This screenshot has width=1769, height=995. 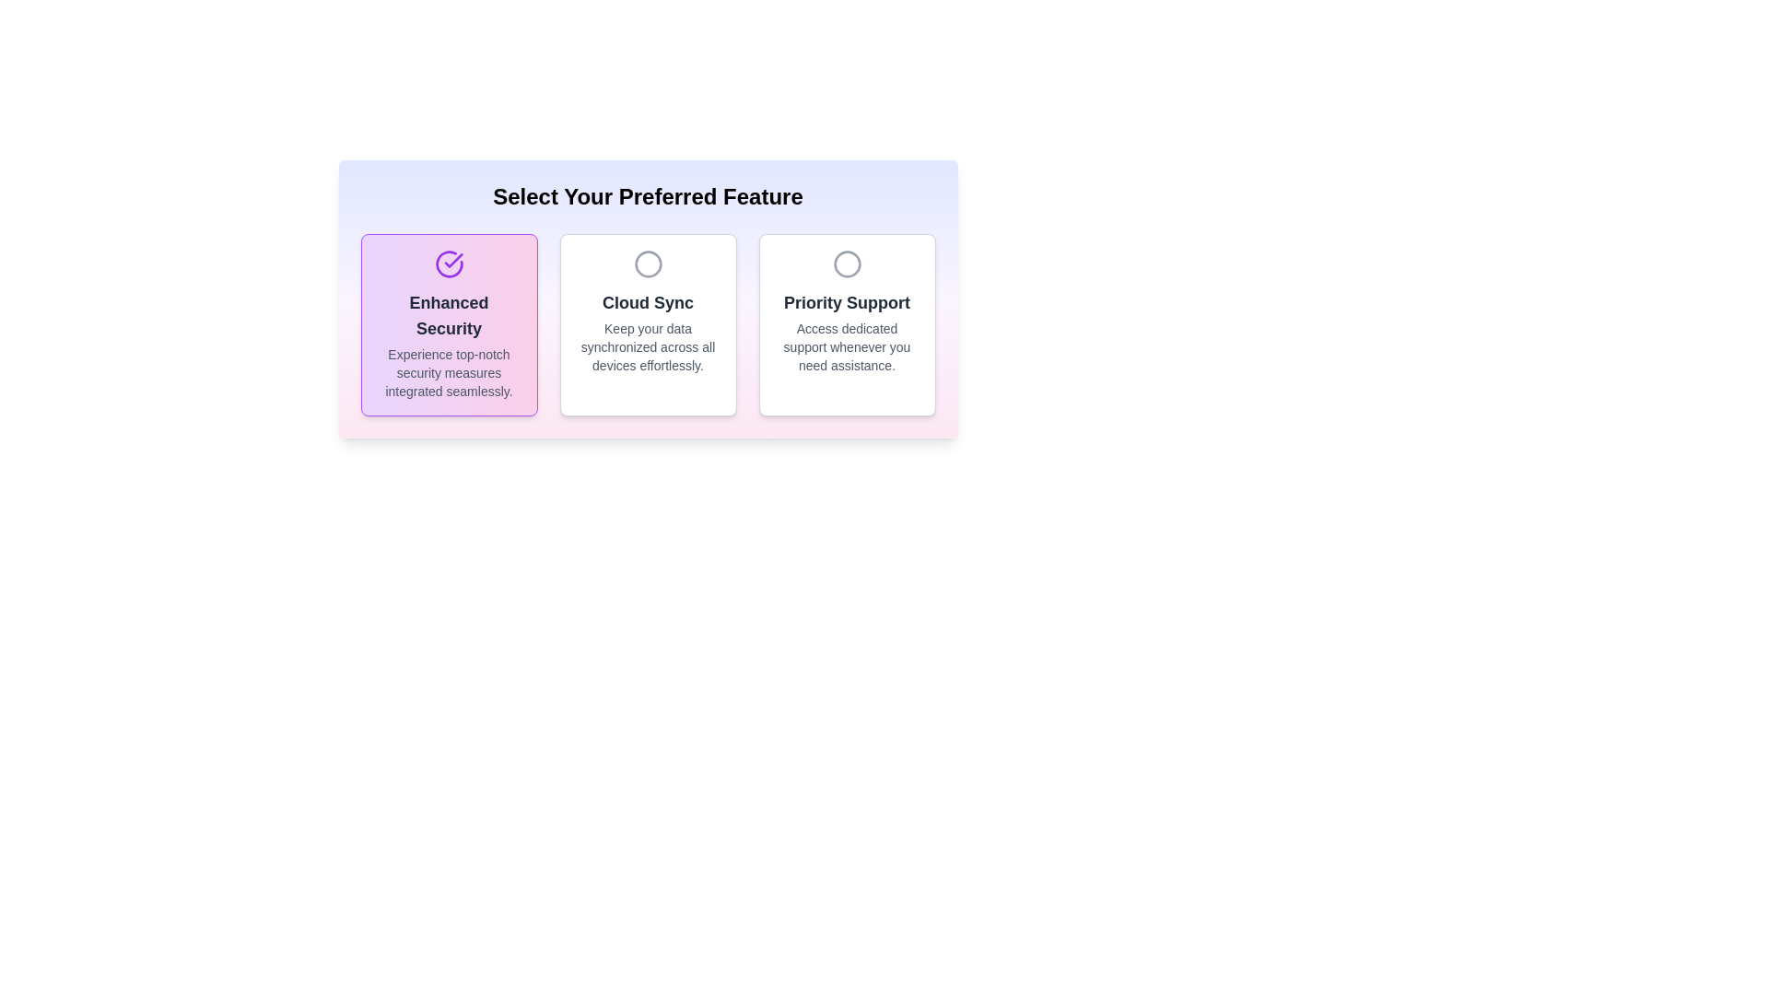 What do you see at coordinates (648, 347) in the screenshot?
I see `the static text label that reads 'Keep your data synchronized across all devices effortlessly', located below the 'Cloud Sync' header within a bordered, white background box` at bounding box center [648, 347].